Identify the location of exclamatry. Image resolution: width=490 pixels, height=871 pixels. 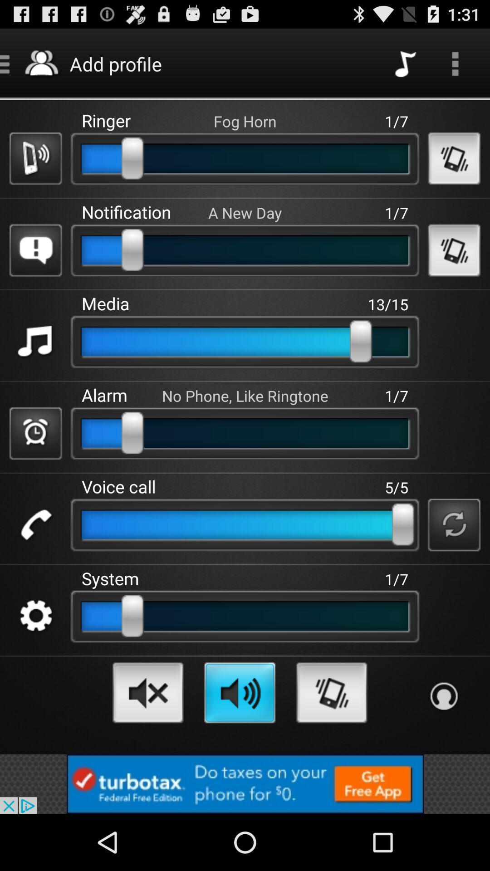
(35, 250).